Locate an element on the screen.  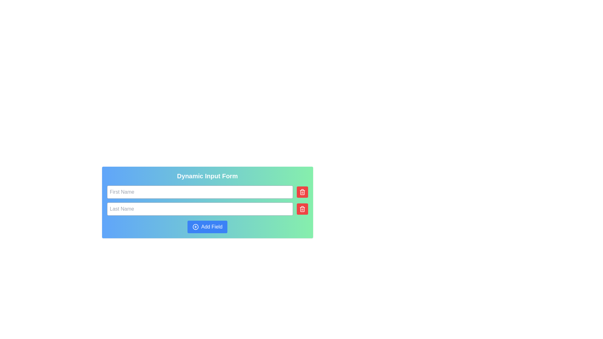
the 'Add Field' button by targeting the Decorative Icon is located at coordinates (195, 227).